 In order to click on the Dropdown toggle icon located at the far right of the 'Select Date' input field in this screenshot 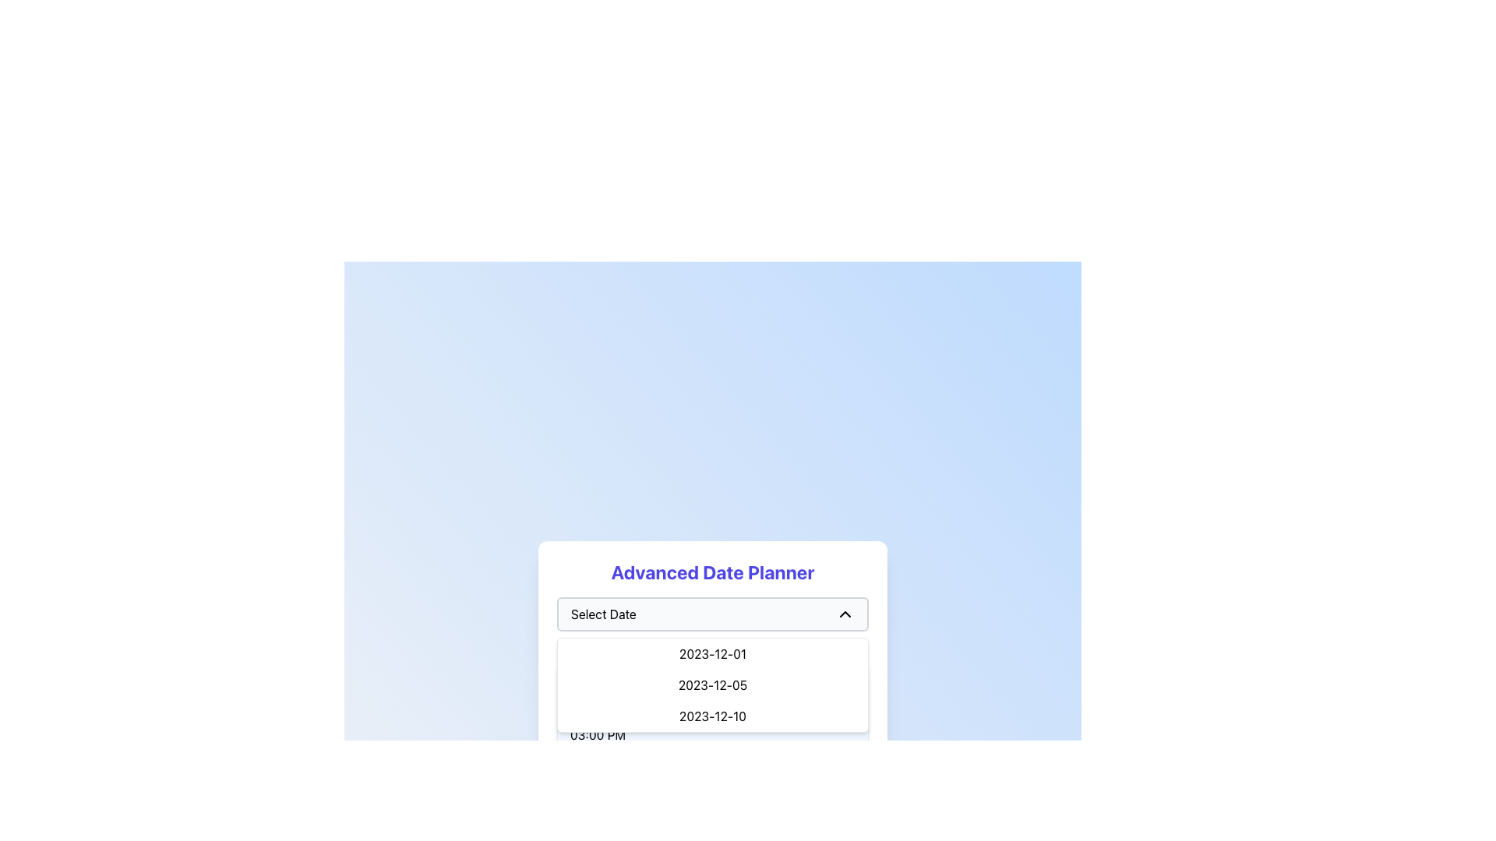, I will do `click(844, 614)`.